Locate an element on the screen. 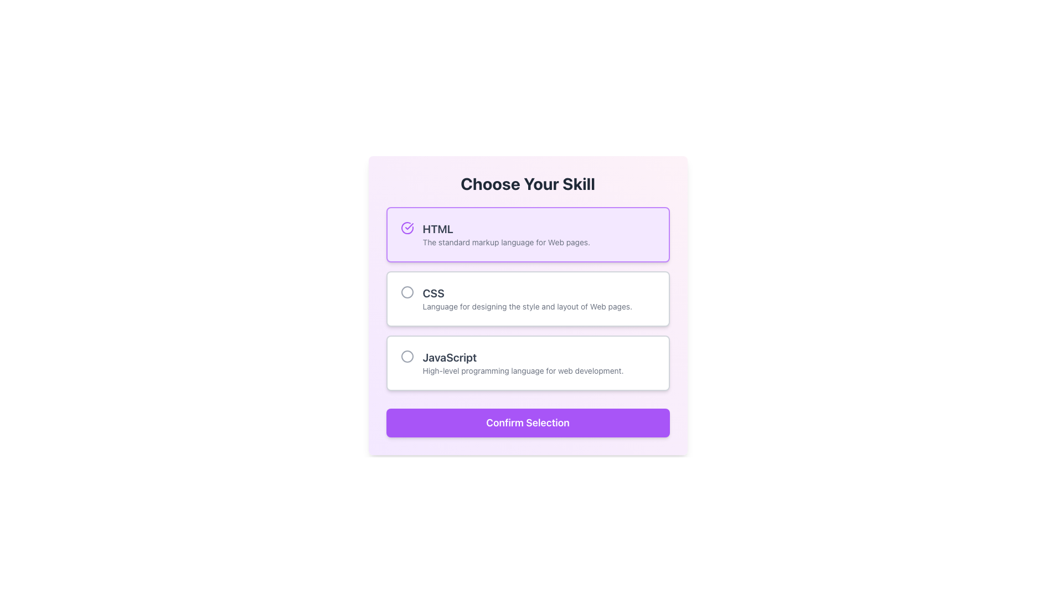  the small circular icon with a gray border located at the top-left corner of the 'JavaScript' card, adjacent to the label 'JavaScript' is located at coordinates (406, 357).